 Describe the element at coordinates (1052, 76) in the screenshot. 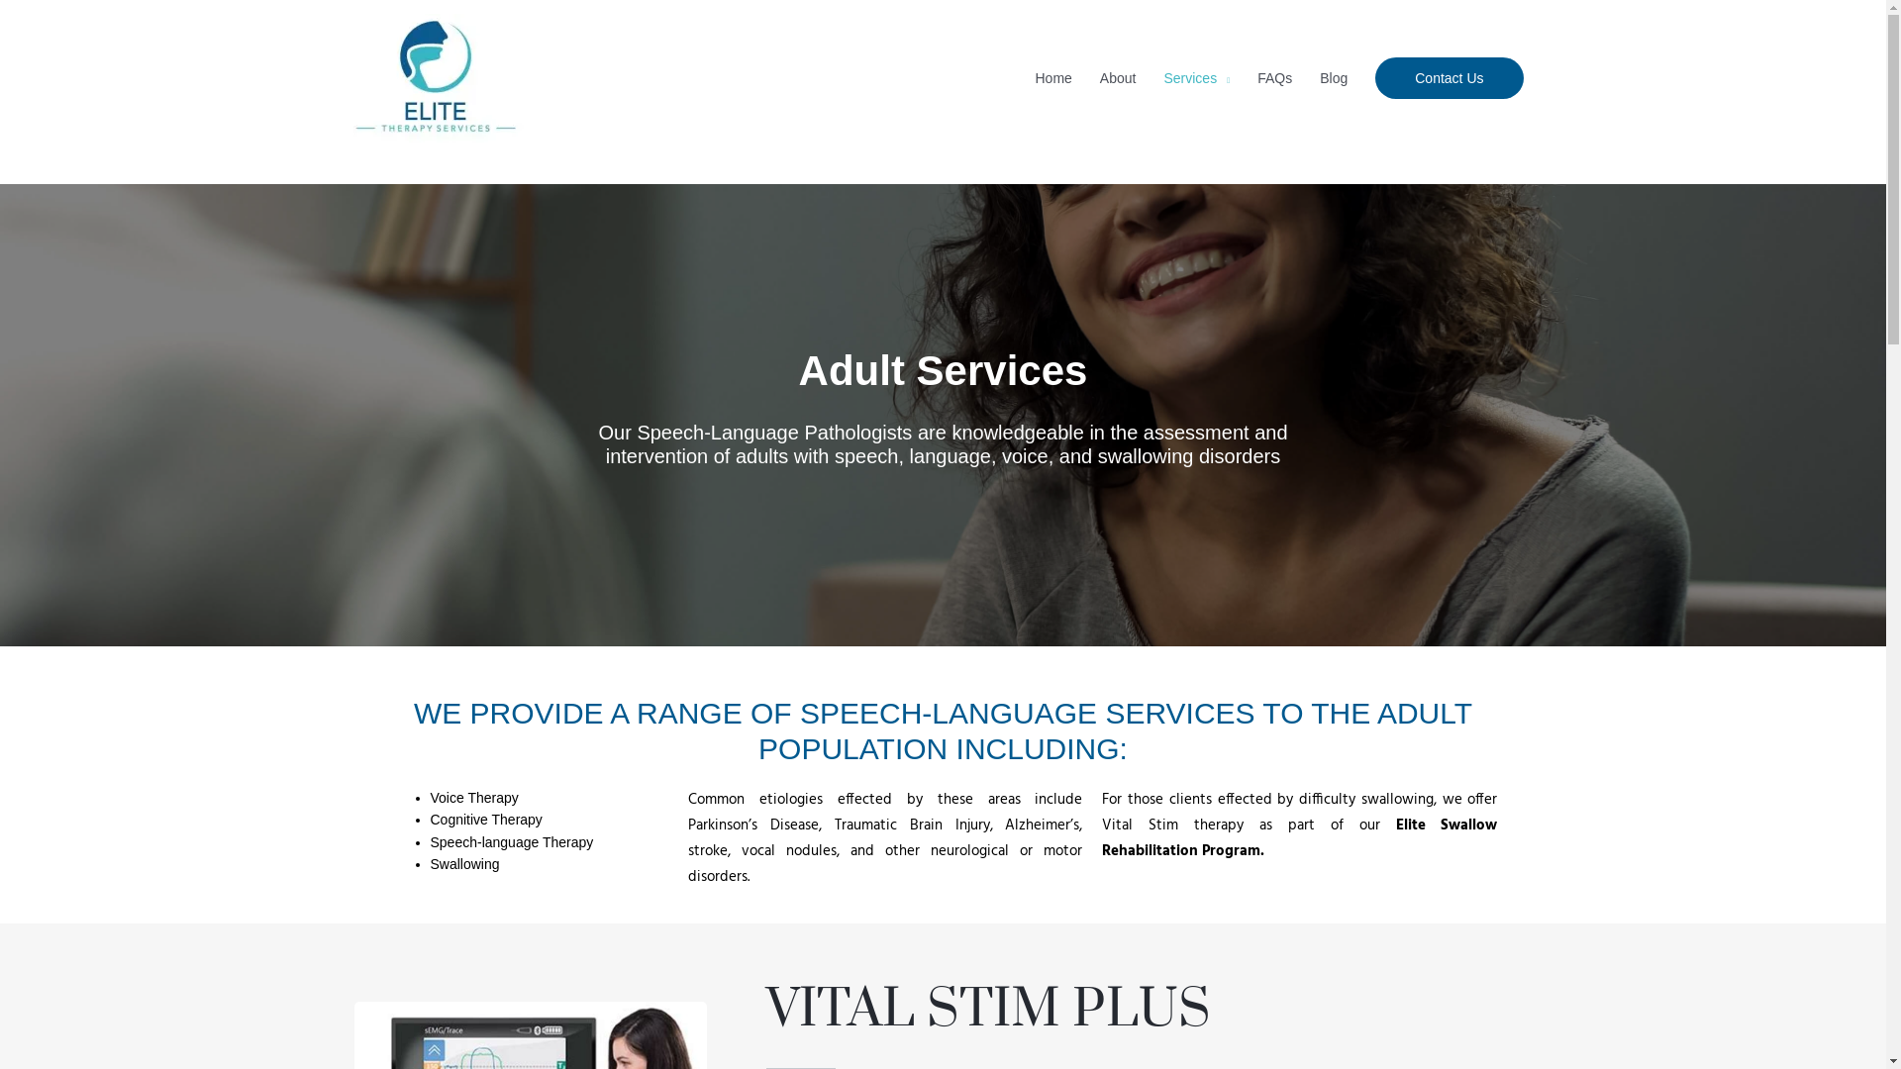

I see `'Home'` at that location.